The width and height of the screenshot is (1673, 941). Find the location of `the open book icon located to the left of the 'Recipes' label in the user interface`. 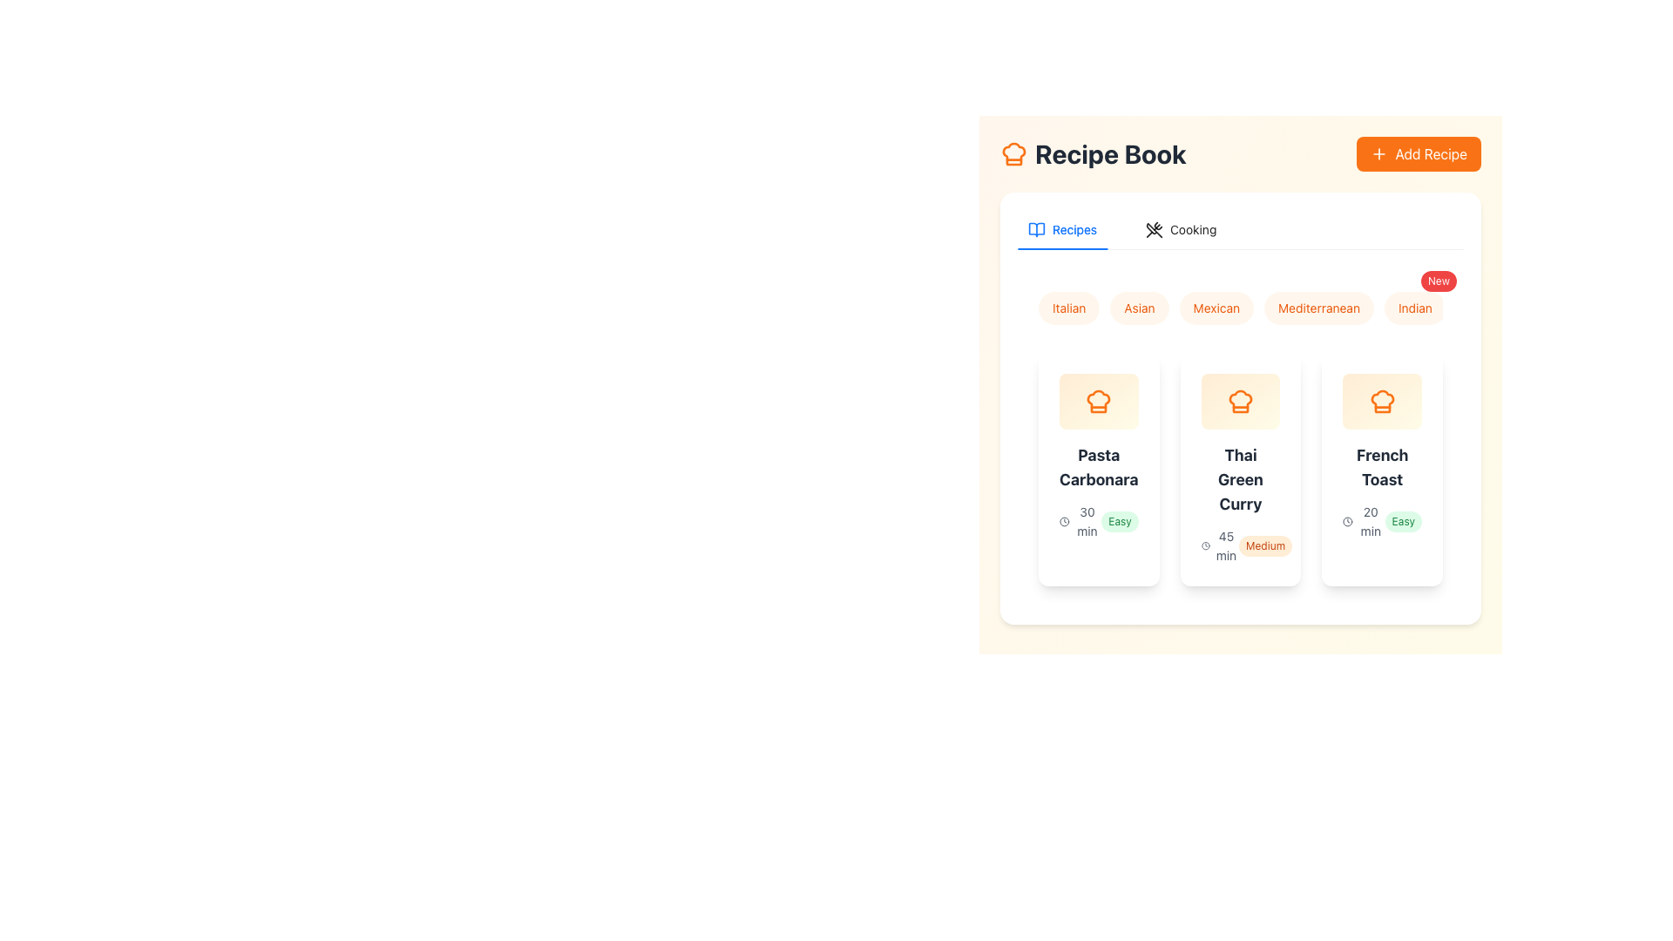

the open book icon located to the left of the 'Recipes' label in the user interface is located at coordinates (1037, 228).